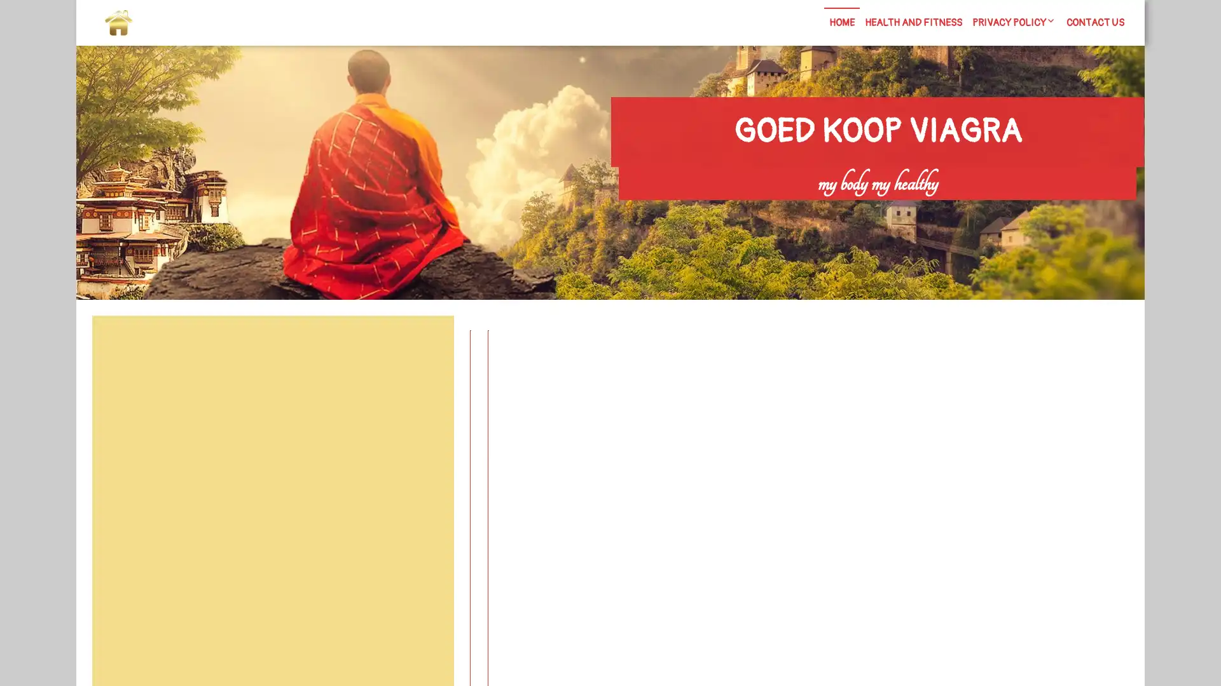  What do you see at coordinates (990, 208) in the screenshot?
I see `Search` at bounding box center [990, 208].